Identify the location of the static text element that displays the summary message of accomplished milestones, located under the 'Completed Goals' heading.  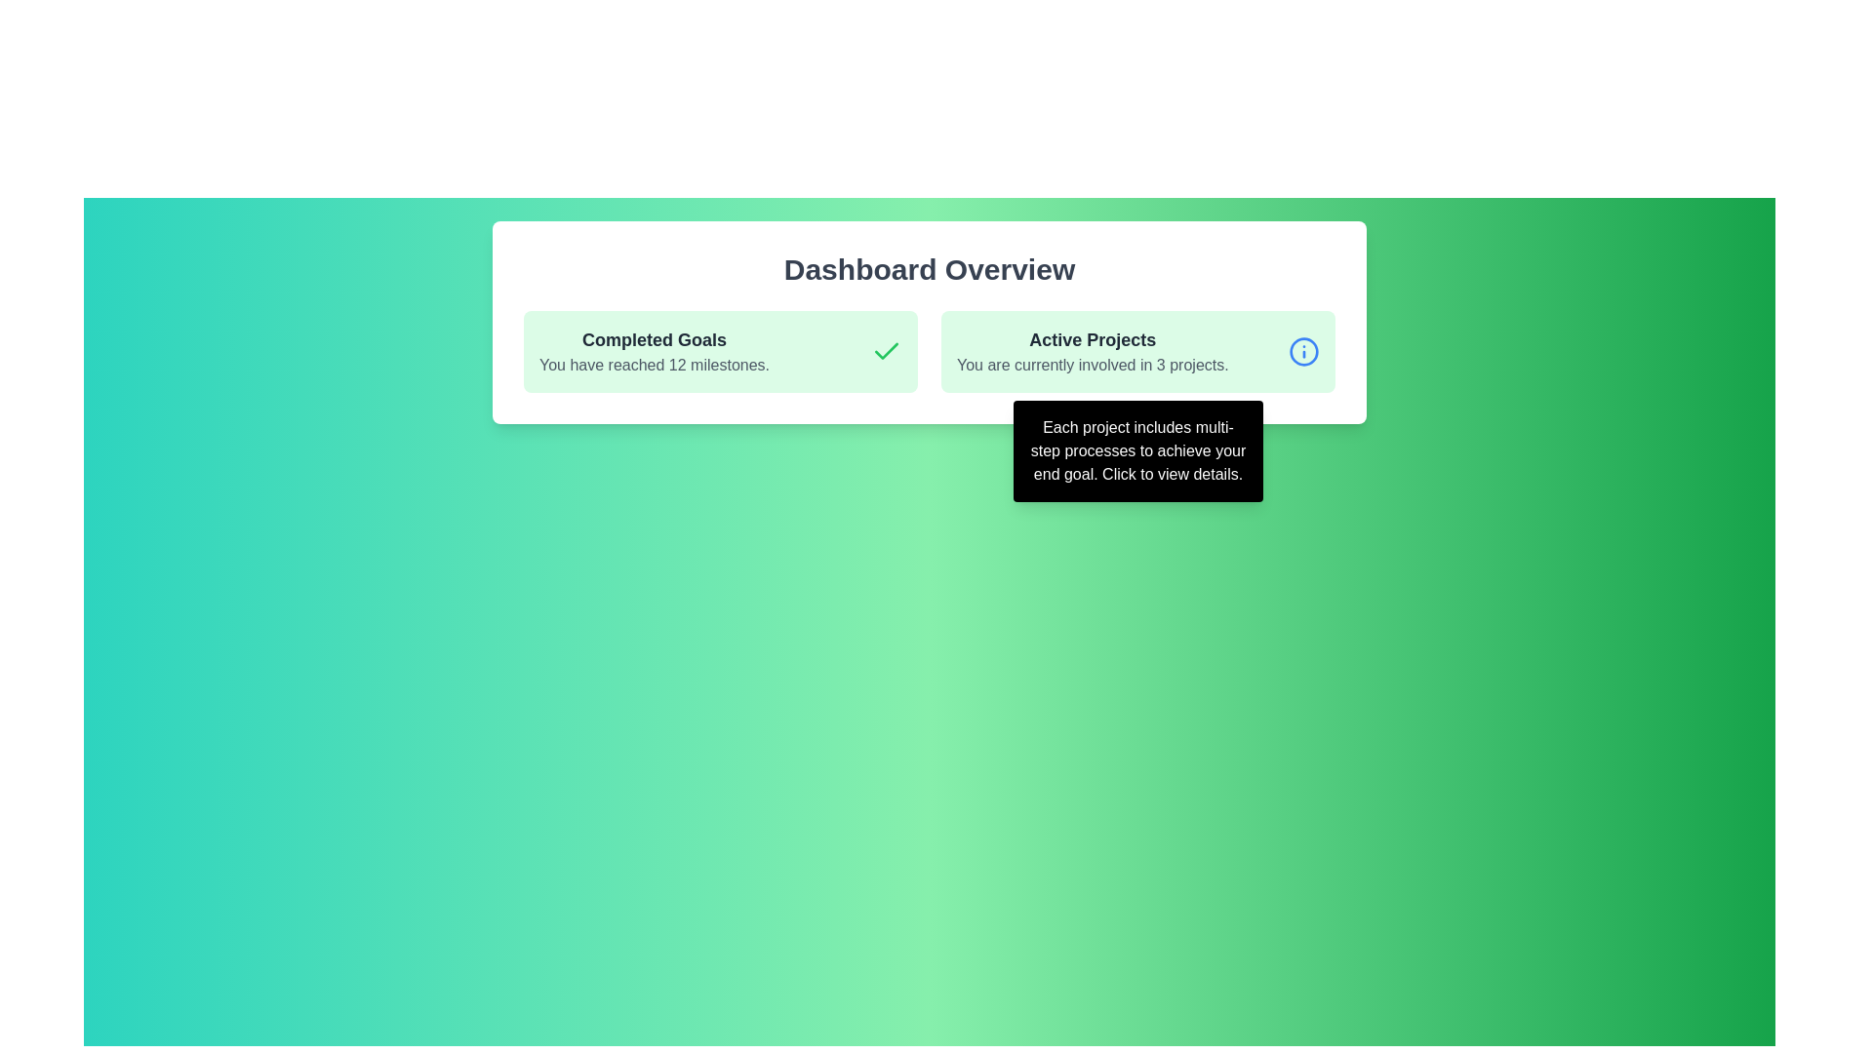
(655, 365).